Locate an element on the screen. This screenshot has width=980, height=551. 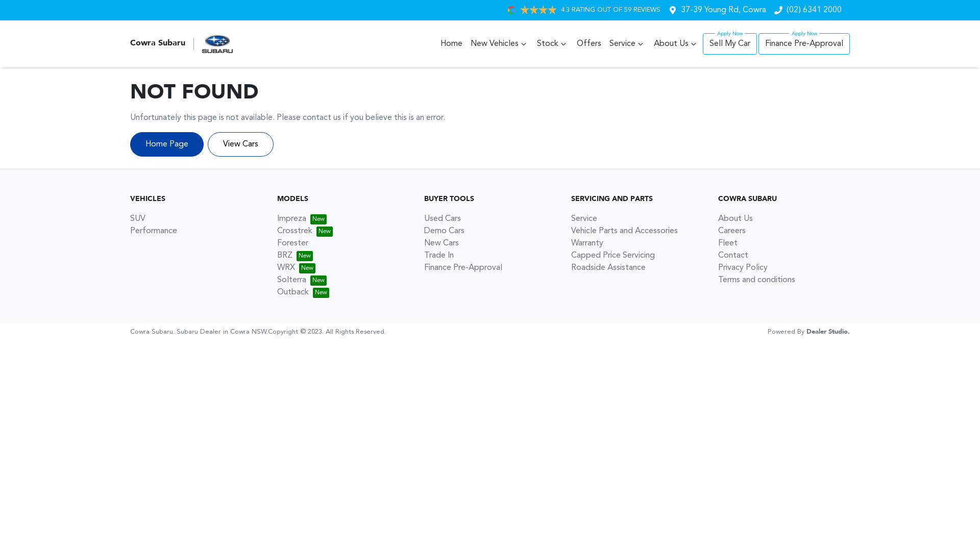
'37-39 Young Rd, Cowra' is located at coordinates (723, 10).